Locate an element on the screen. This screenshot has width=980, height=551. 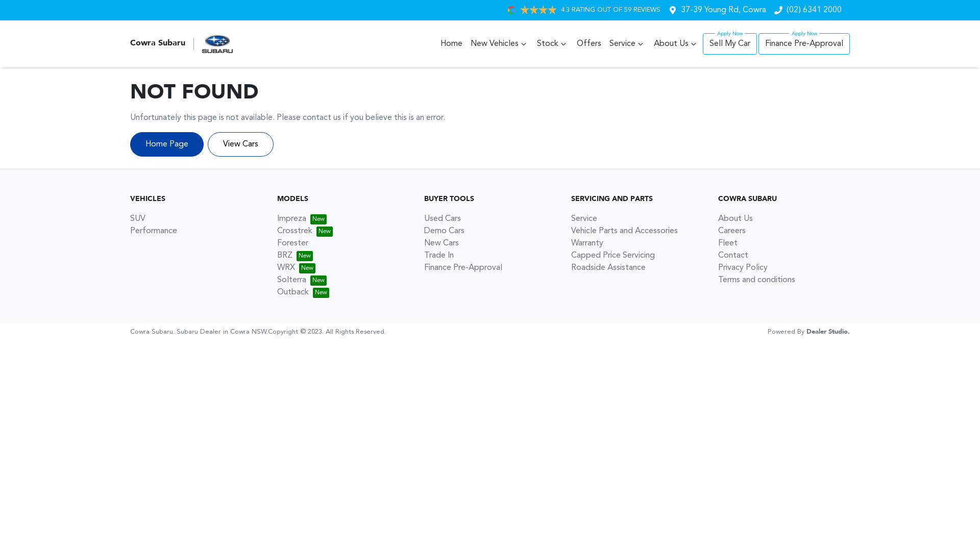
'37-39 Young Rd, Cowra' is located at coordinates (723, 10).